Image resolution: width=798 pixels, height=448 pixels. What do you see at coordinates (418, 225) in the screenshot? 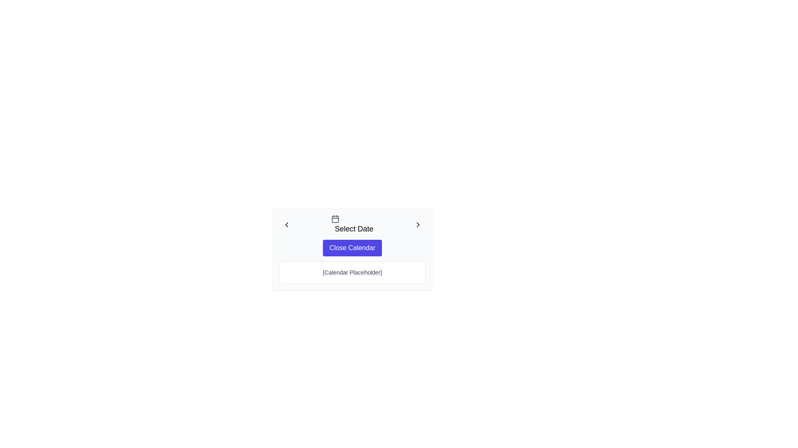
I see `the button located to the right of the 'Select Date' text in the header bar` at bounding box center [418, 225].